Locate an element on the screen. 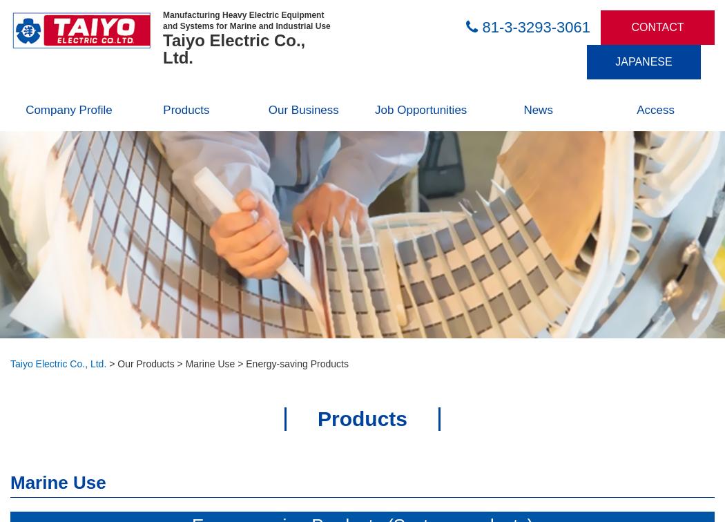 This screenshot has width=725, height=522. 'Manufacturing Heavy Electric Equipment and Systems for Marine and Industrial Use' is located at coordinates (246, 20).